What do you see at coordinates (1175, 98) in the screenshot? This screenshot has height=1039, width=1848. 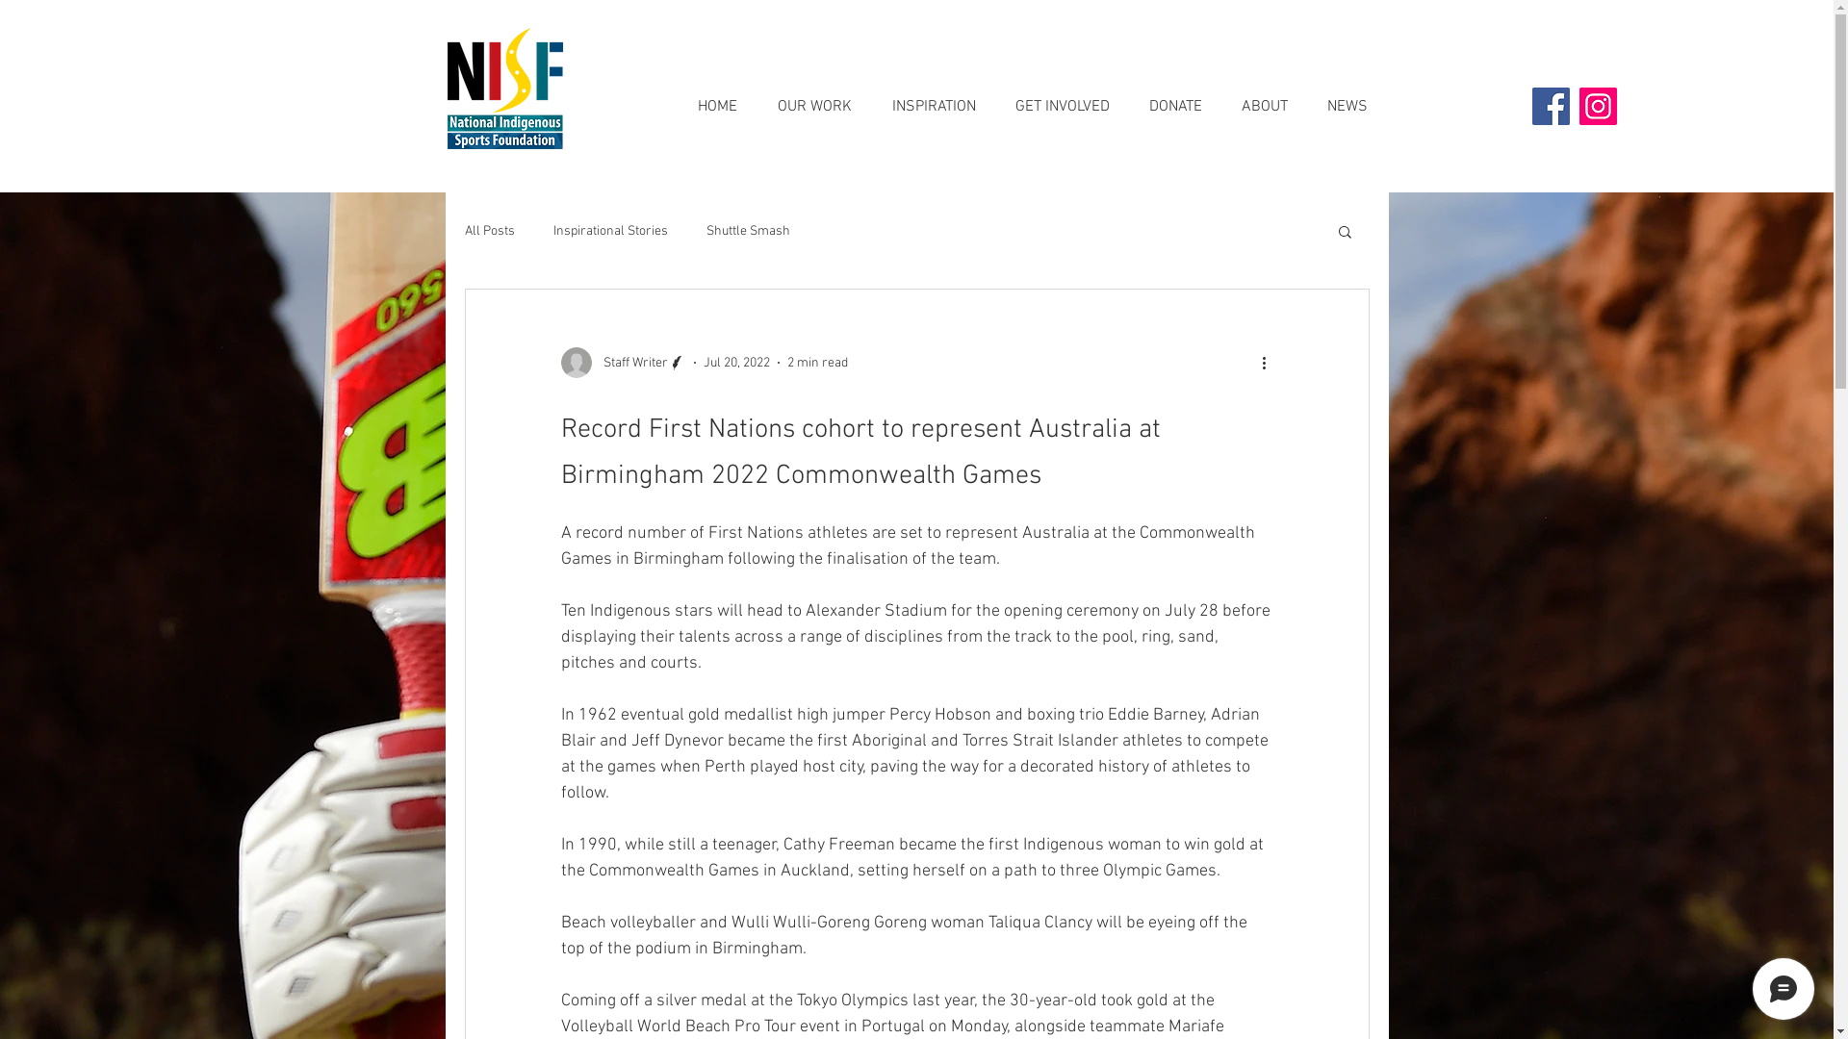 I see `'DONATE'` at bounding box center [1175, 98].